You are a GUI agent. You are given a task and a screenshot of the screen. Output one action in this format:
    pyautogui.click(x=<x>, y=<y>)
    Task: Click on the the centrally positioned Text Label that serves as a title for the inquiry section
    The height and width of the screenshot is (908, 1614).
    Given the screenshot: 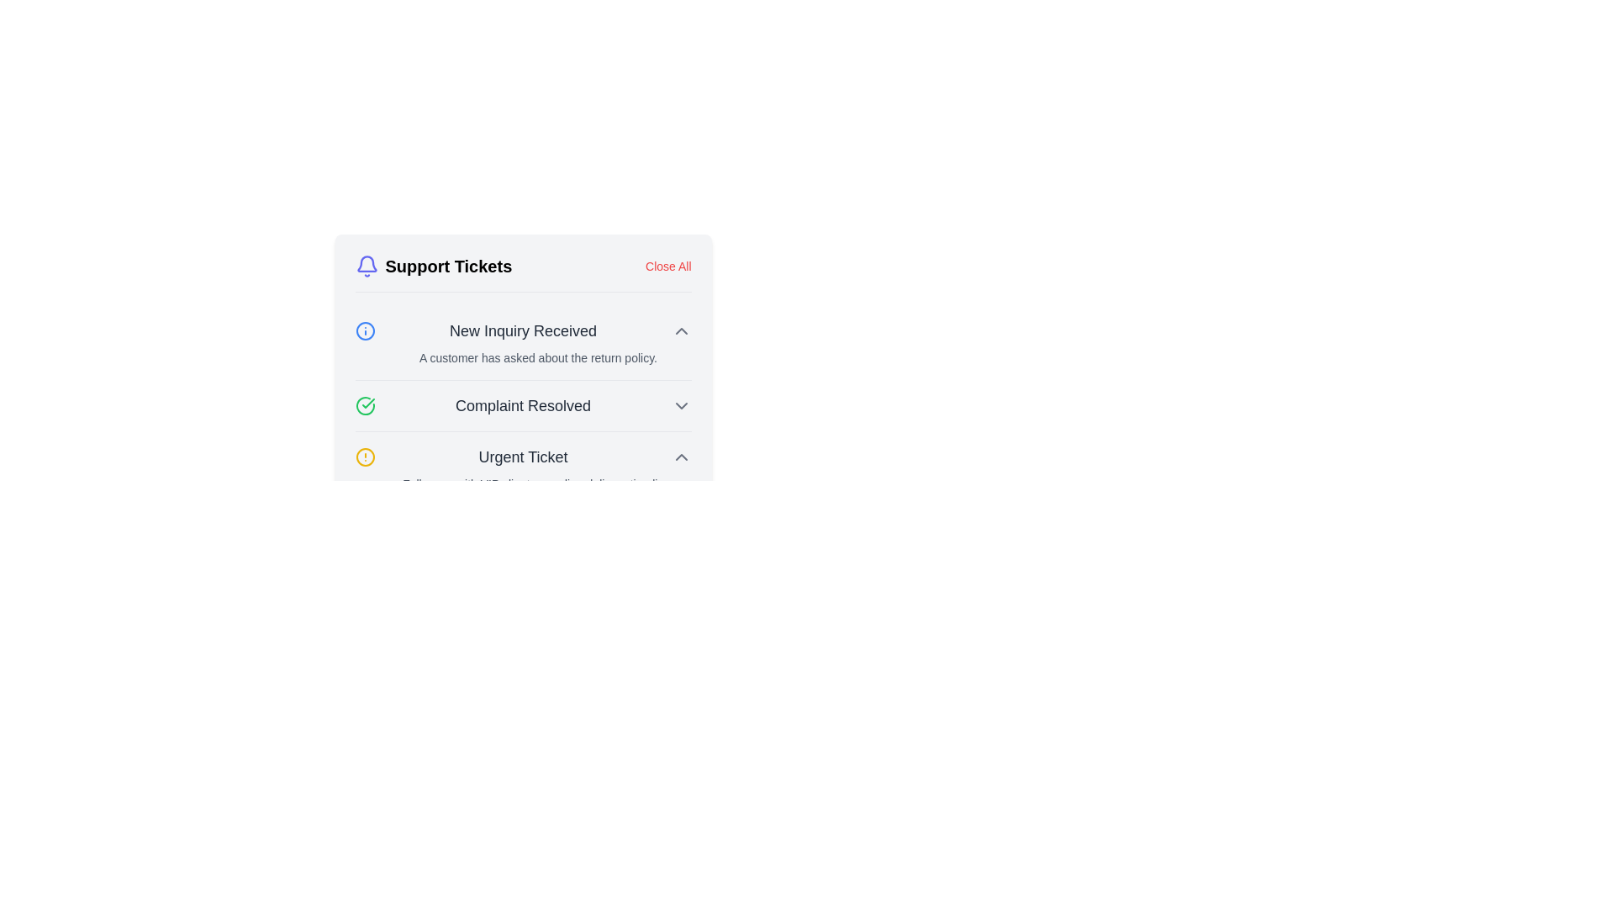 What is the action you would take?
    pyautogui.click(x=522, y=330)
    